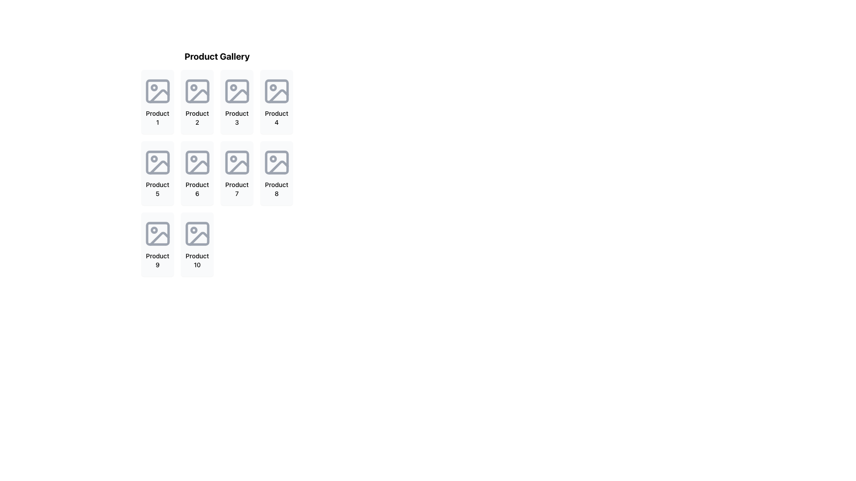  Describe the element at coordinates (157, 173) in the screenshot. I see `the Card Component representing 'Product 5'` at that location.